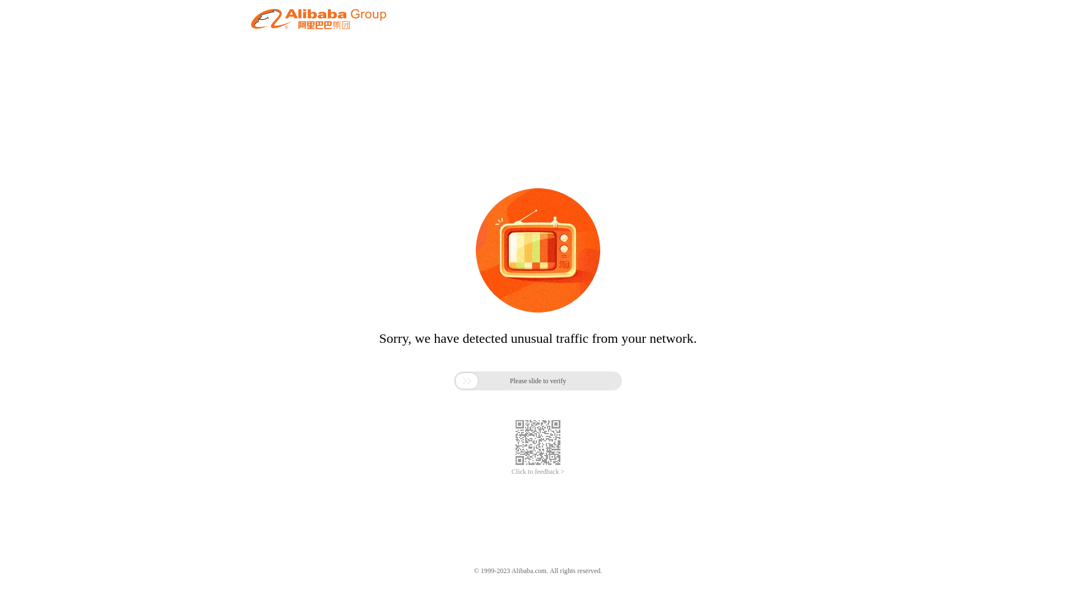 This screenshot has height=605, width=1076. Describe the element at coordinates (538, 472) in the screenshot. I see `'Click to feedback >'` at that location.